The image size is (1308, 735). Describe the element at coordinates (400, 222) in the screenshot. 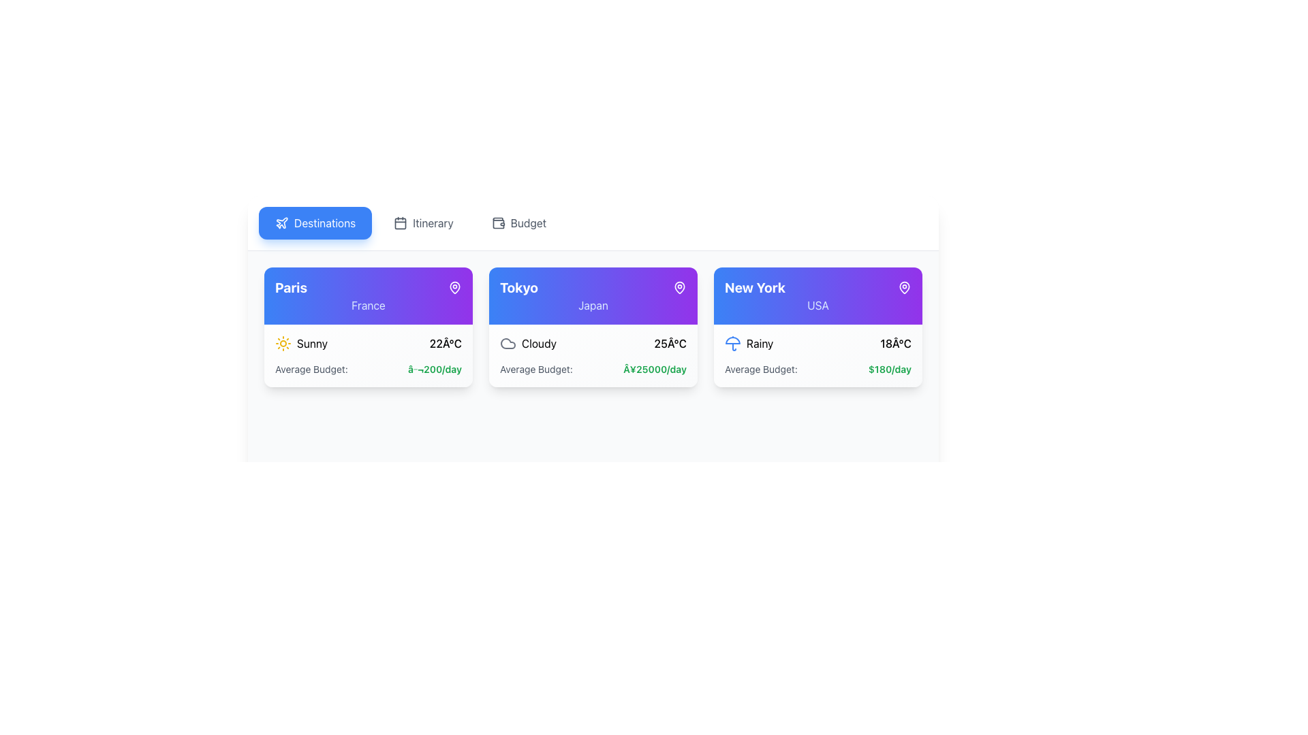

I see `calendar icon located immediately to the left of the 'Itinerary' text label, which visually represents the itinerary functionality` at that location.